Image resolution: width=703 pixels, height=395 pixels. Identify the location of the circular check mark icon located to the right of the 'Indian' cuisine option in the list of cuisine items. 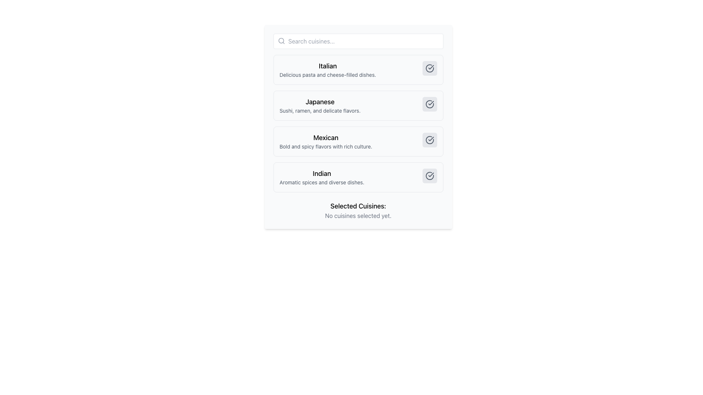
(429, 176).